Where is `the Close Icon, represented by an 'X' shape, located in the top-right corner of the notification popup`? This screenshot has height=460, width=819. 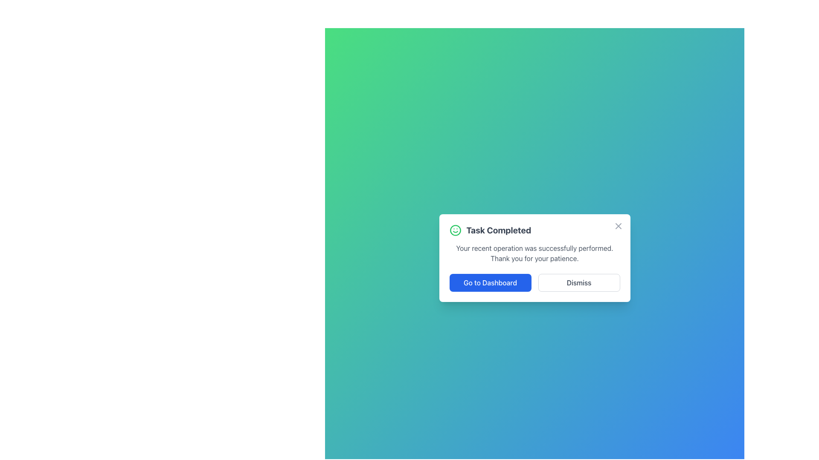
the Close Icon, represented by an 'X' shape, located in the top-right corner of the notification popup is located at coordinates (618, 226).